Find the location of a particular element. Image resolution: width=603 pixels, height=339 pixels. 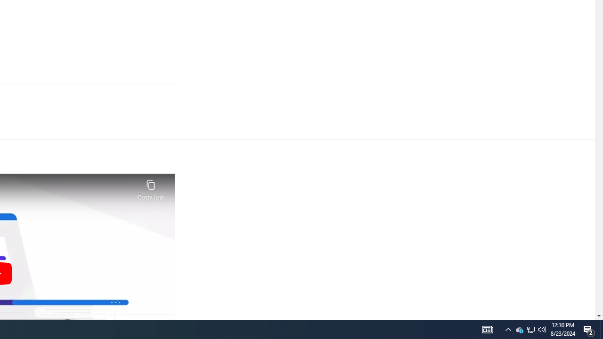

'Copy link' is located at coordinates (151, 187).